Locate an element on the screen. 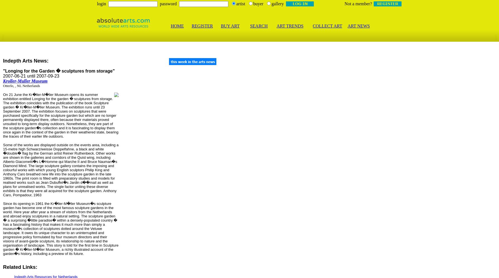 This screenshot has height=278, width=499. 'COLLECT ART' is located at coordinates (327, 26).